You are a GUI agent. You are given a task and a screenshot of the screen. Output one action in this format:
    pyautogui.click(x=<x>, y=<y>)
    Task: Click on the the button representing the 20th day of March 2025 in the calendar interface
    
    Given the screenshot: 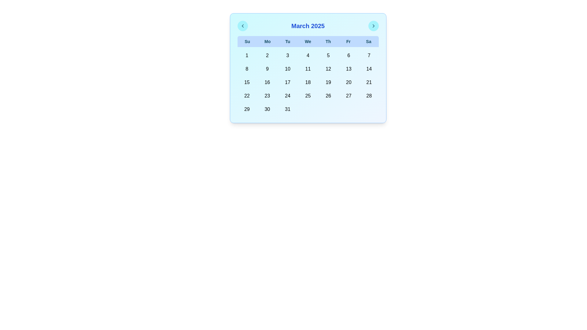 What is the action you would take?
    pyautogui.click(x=349, y=82)
    